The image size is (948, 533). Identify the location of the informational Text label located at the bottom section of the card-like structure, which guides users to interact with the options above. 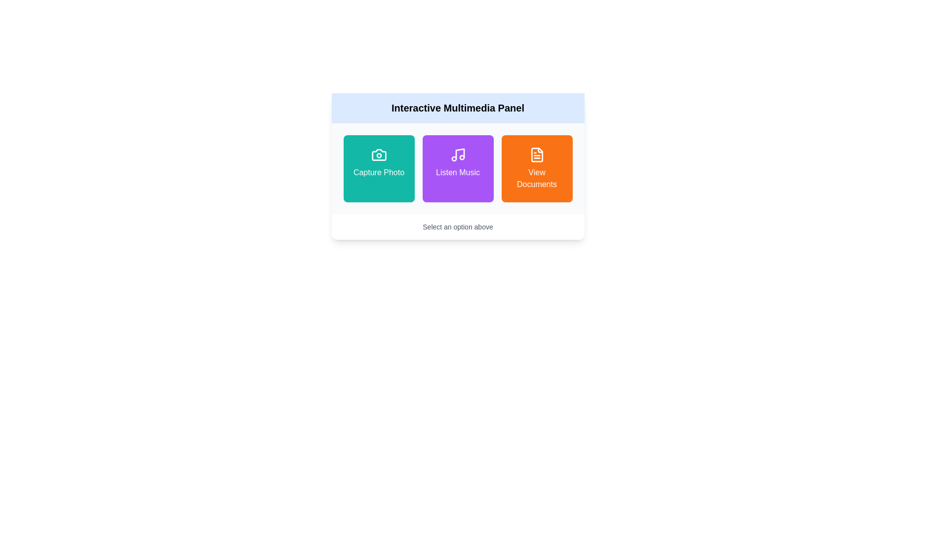
(457, 227).